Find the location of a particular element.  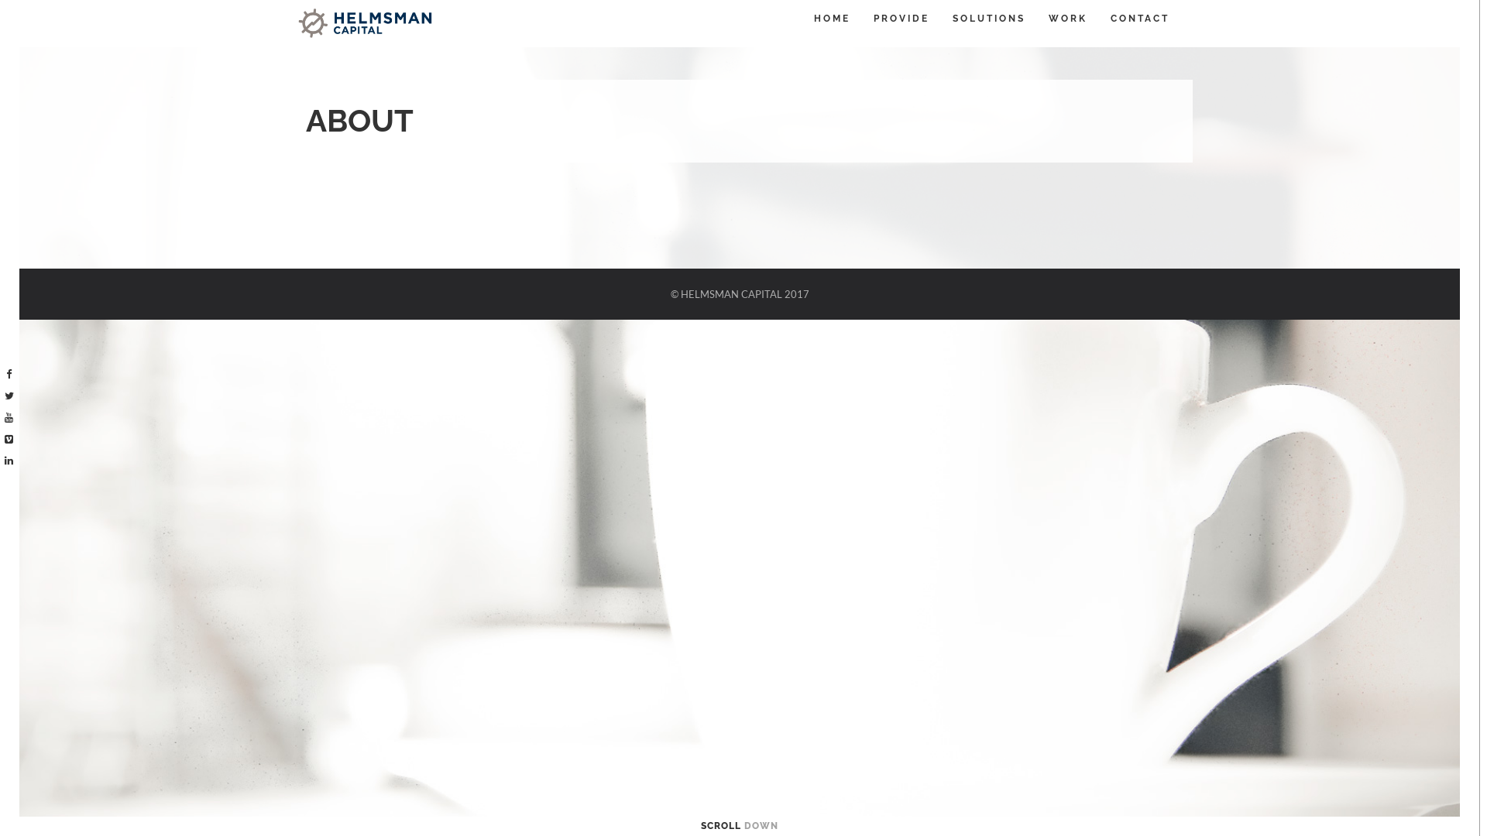

'SOLUTIONS' is located at coordinates (987, 18).